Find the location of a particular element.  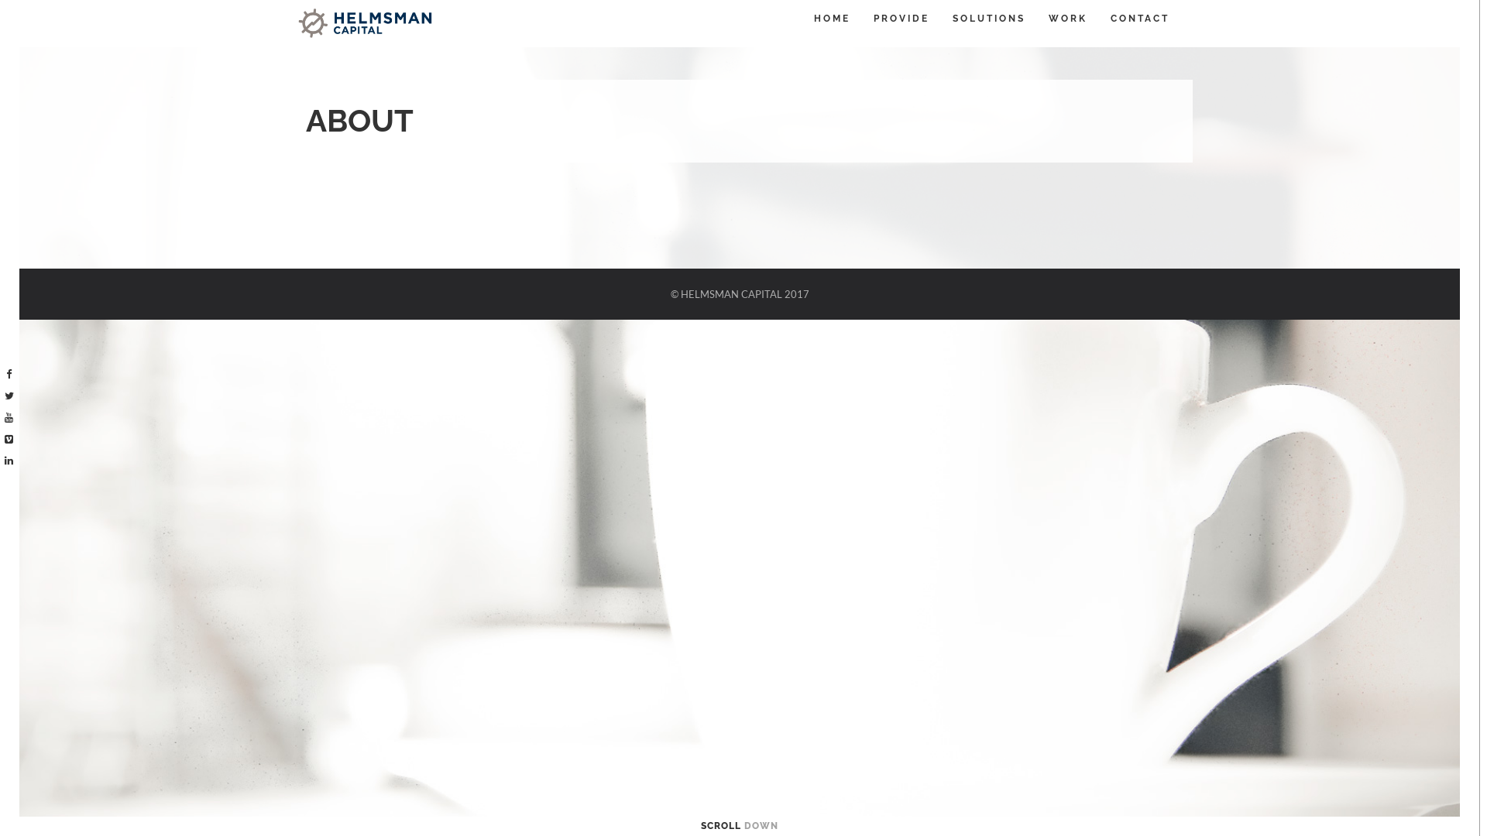

'SOLUTIONS' is located at coordinates (987, 18).